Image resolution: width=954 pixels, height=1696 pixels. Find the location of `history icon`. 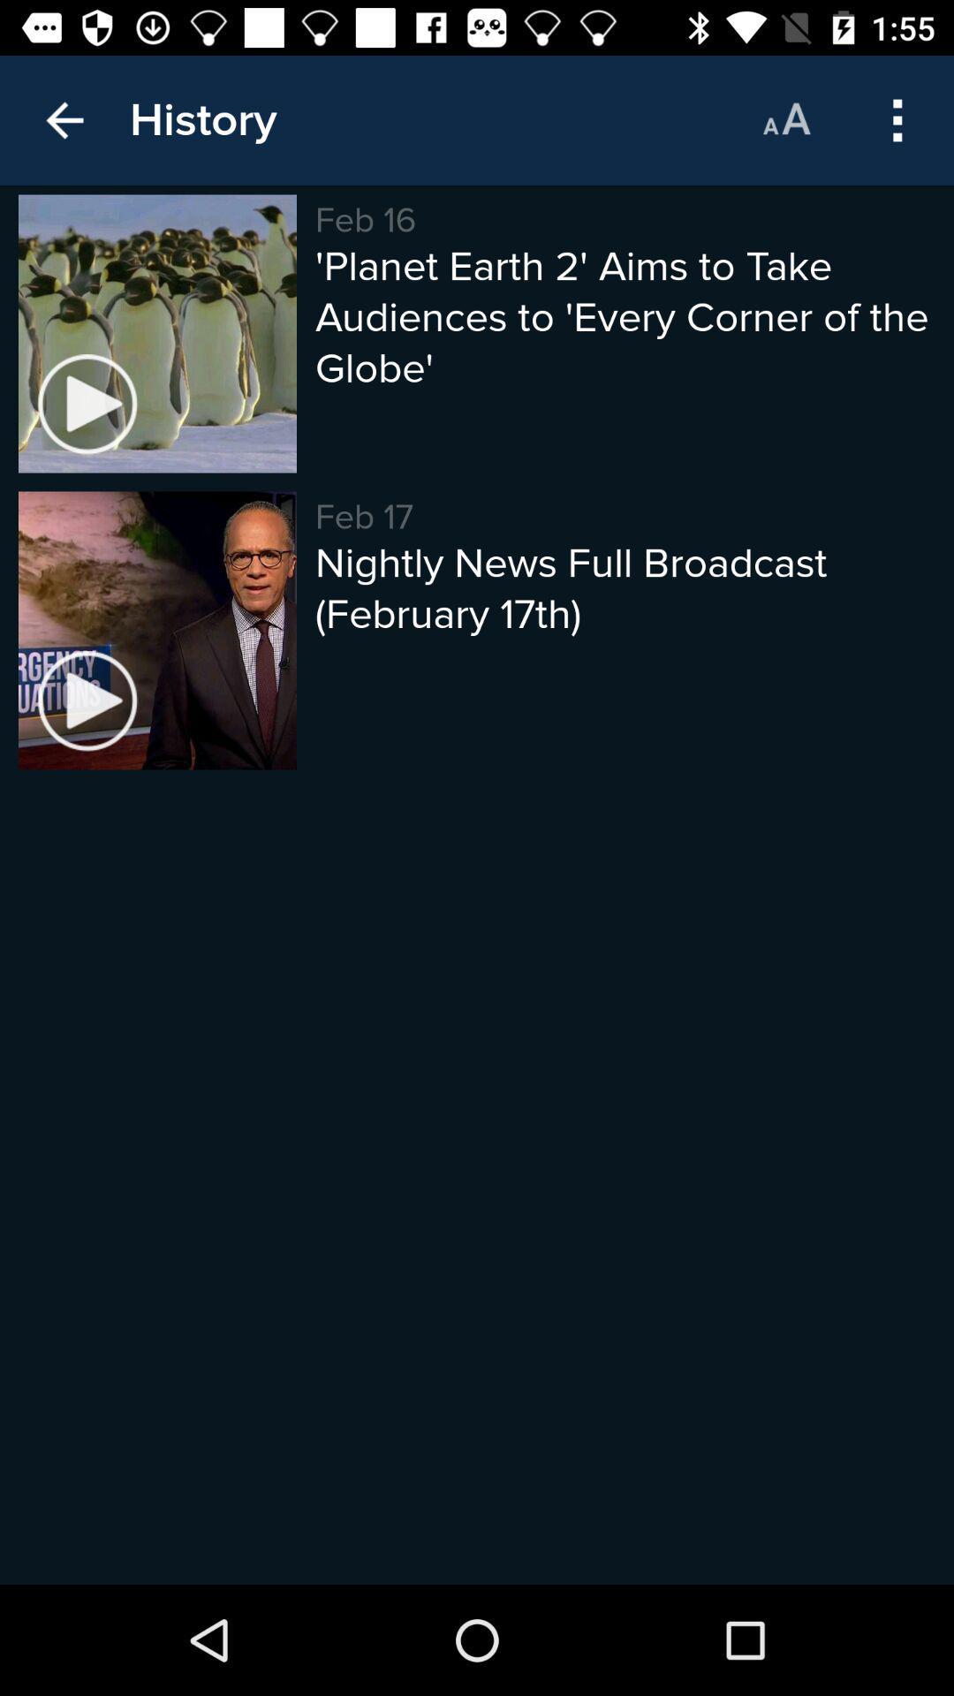

history icon is located at coordinates (202, 119).